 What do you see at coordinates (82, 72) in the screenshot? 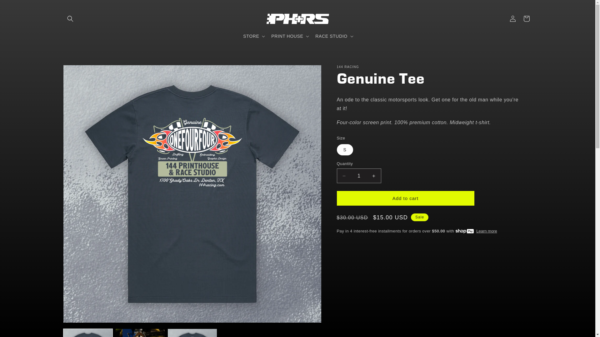
I see `'Skip to product information'` at bounding box center [82, 72].